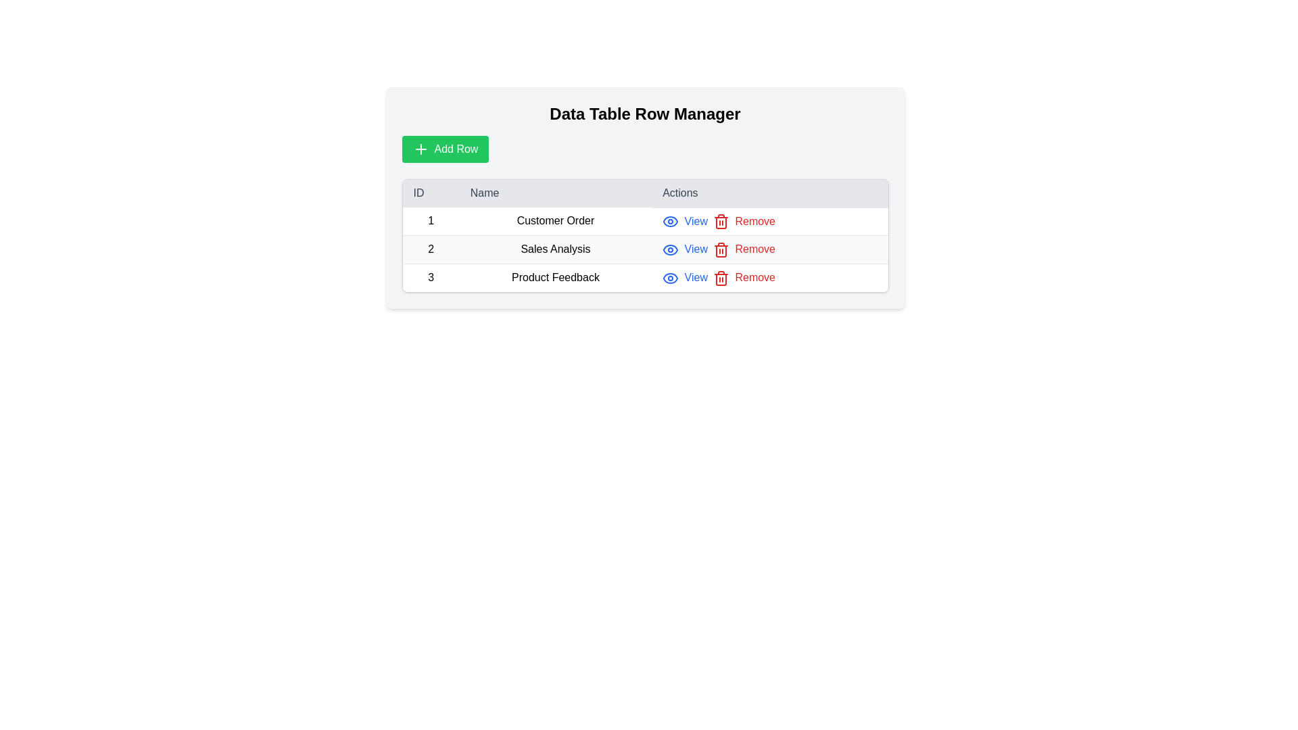  Describe the element at coordinates (671, 277) in the screenshot. I see `the blue outlined eye icon SVG located next to the 'View' text in the 'Actions' column of the third row ('Product Feedback') in the table` at that location.